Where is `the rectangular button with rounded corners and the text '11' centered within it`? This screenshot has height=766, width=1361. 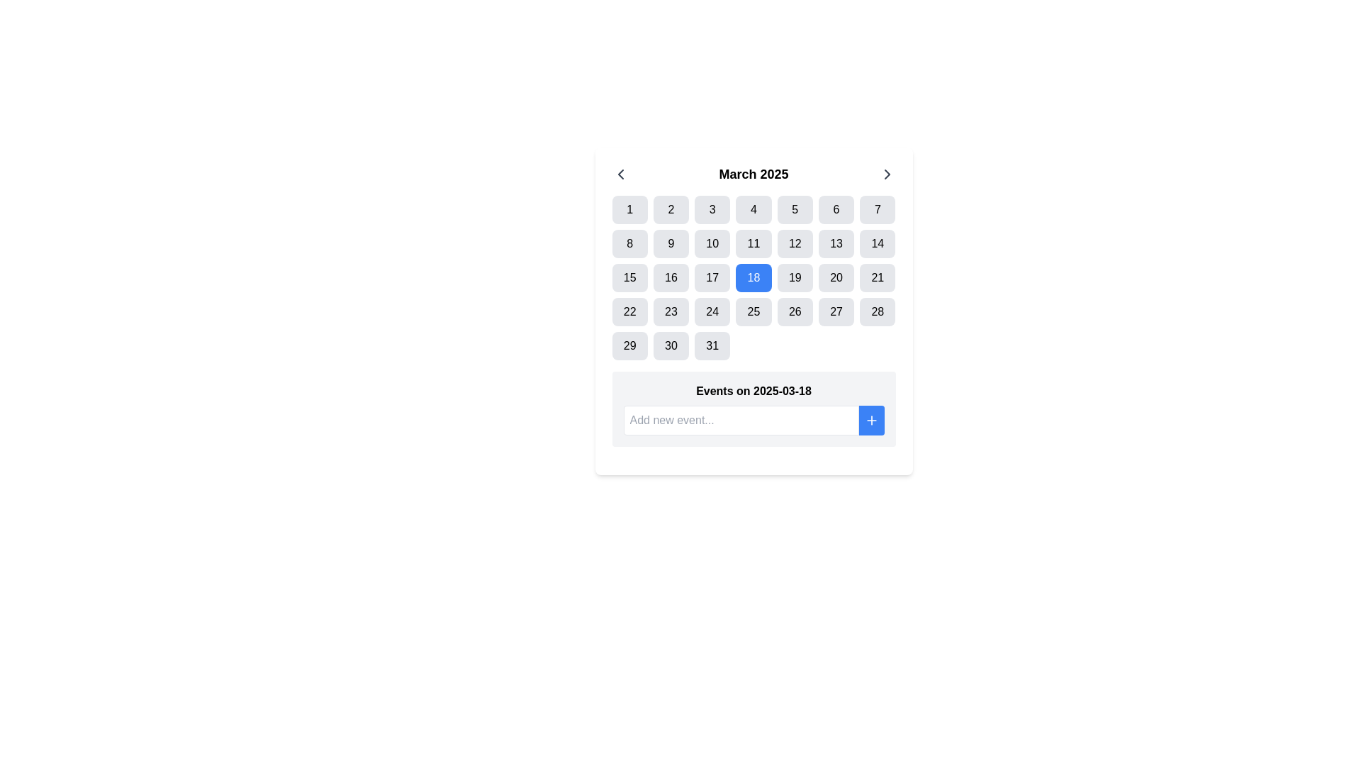
the rectangular button with rounded corners and the text '11' centered within it is located at coordinates (753, 243).